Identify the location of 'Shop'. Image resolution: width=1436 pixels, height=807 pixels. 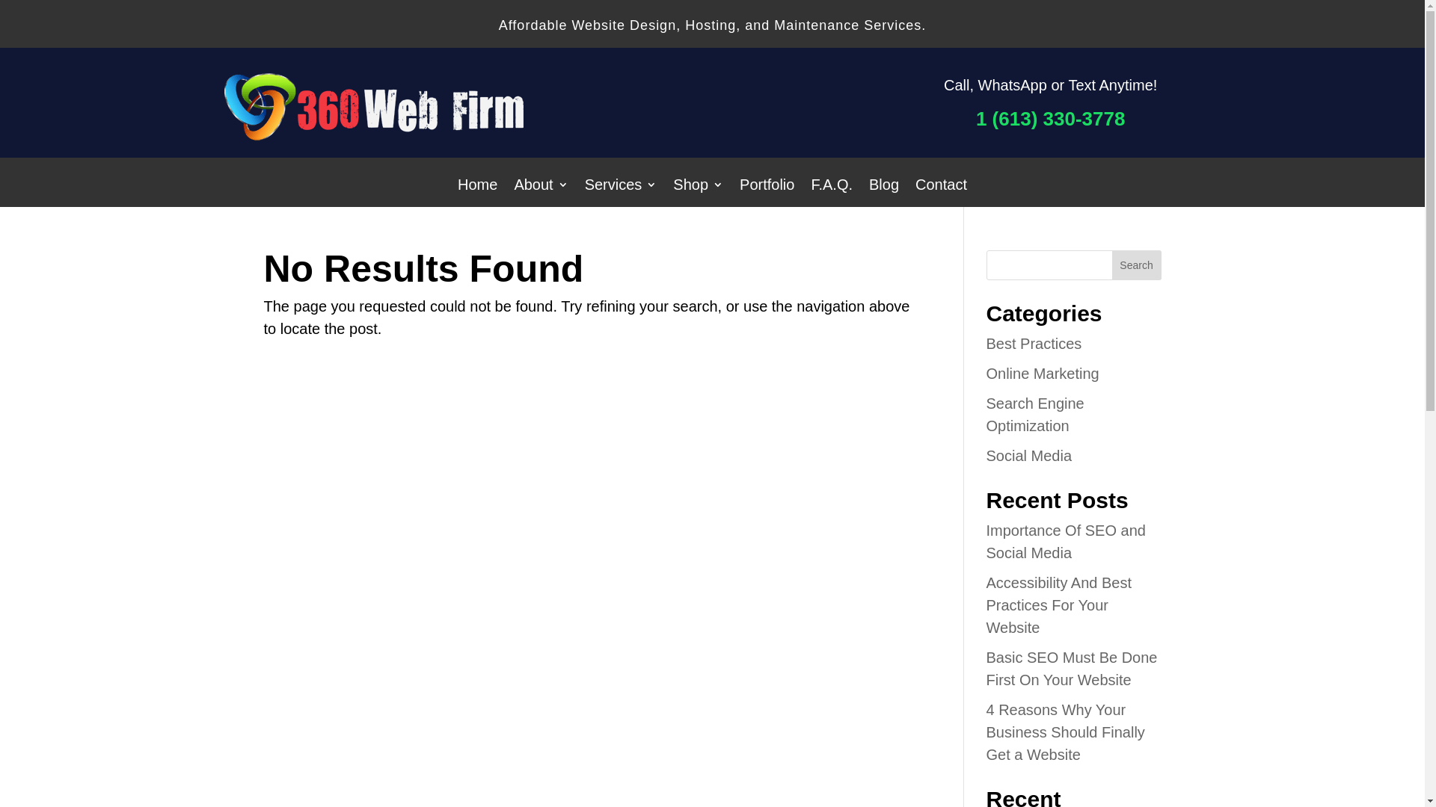
(697, 186).